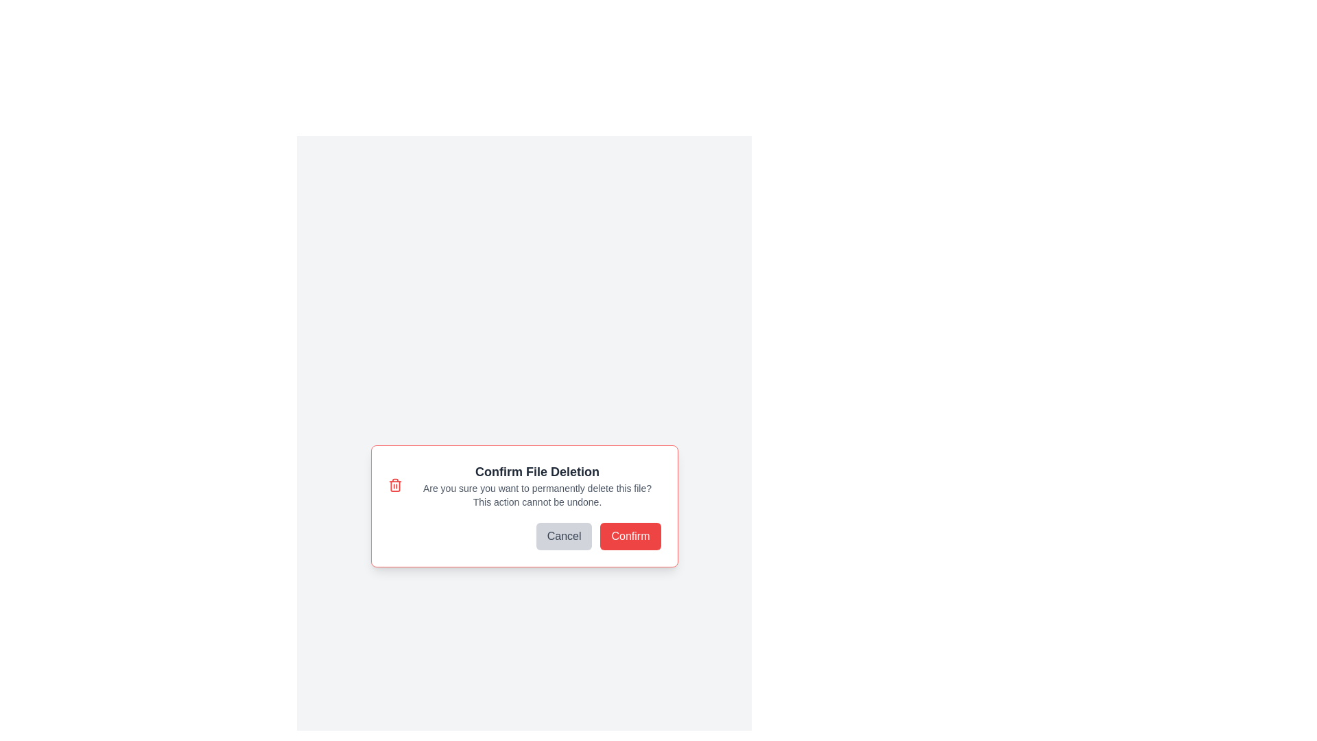 Image resolution: width=1317 pixels, height=741 pixels. What do you see at coordinates (536, 471) in the screenshot?
I see `the Header text of the dialog box that indicates the purpose of confirming the deletion of a file` at bounding box center [536, 471].